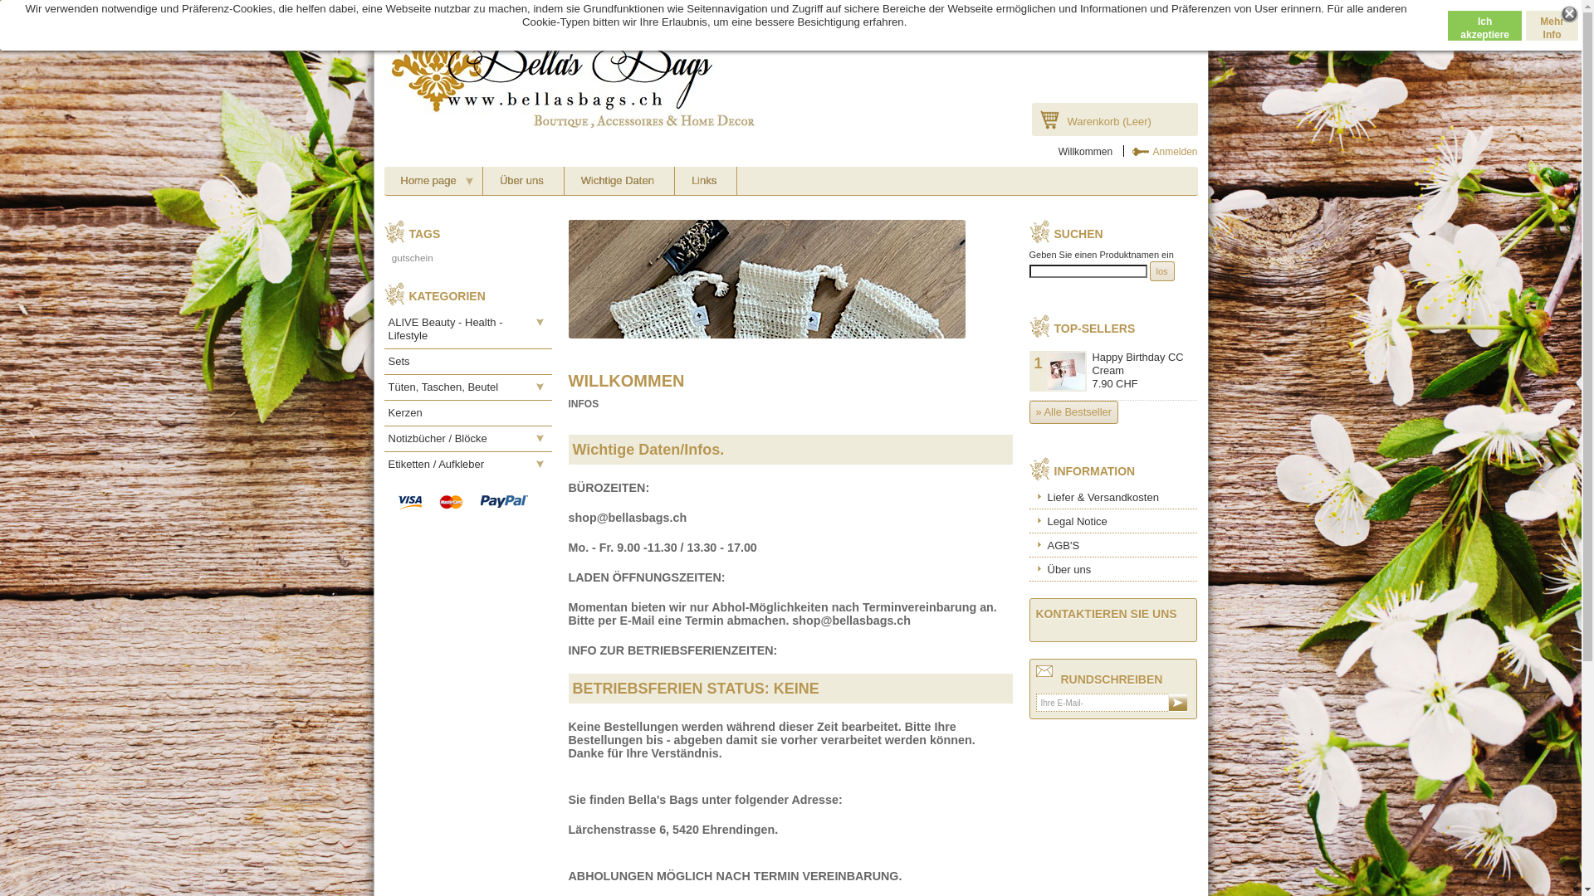 The width and height of the screenshot is (1594, 896). What do you see at coordinates (1054, 329) in the screenshot?
I see `'TOP-SELLERS'` at bounding box center [1054, 329].